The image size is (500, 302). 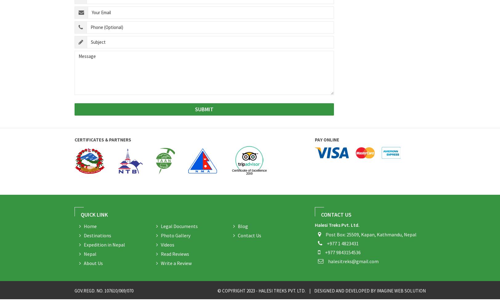 I want to click on 'Quick link', so click(x=94, y=214).